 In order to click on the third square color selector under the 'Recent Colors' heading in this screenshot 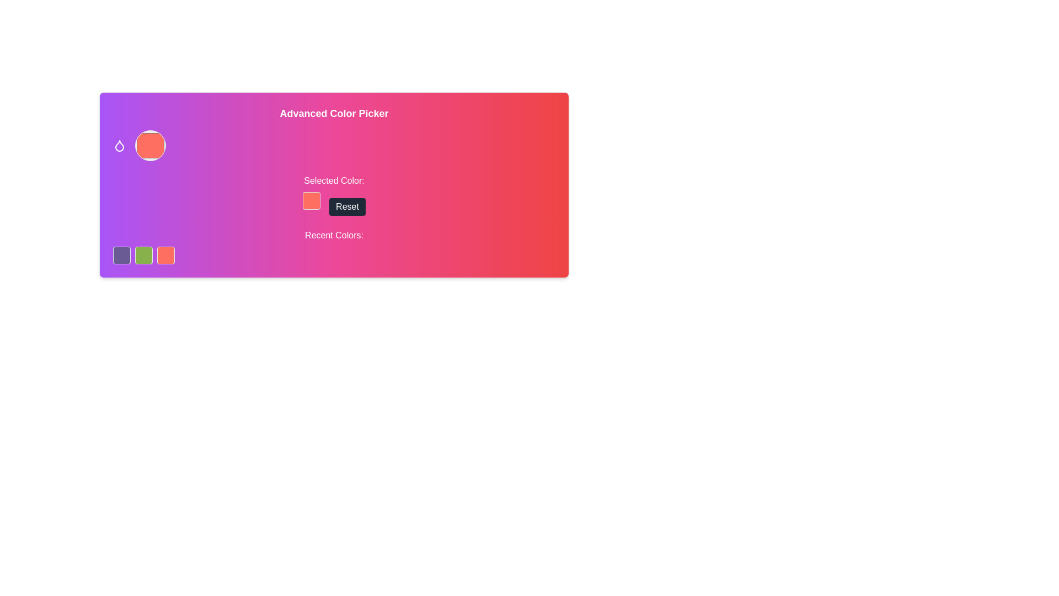, I will do `click(165, 255)`.